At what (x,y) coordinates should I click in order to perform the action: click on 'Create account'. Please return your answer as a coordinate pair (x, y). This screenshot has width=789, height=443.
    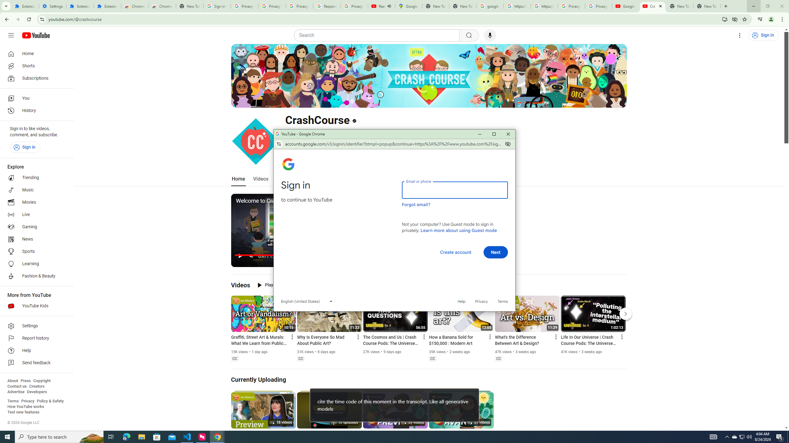
    Looking at the image, I should click on (455, 252).